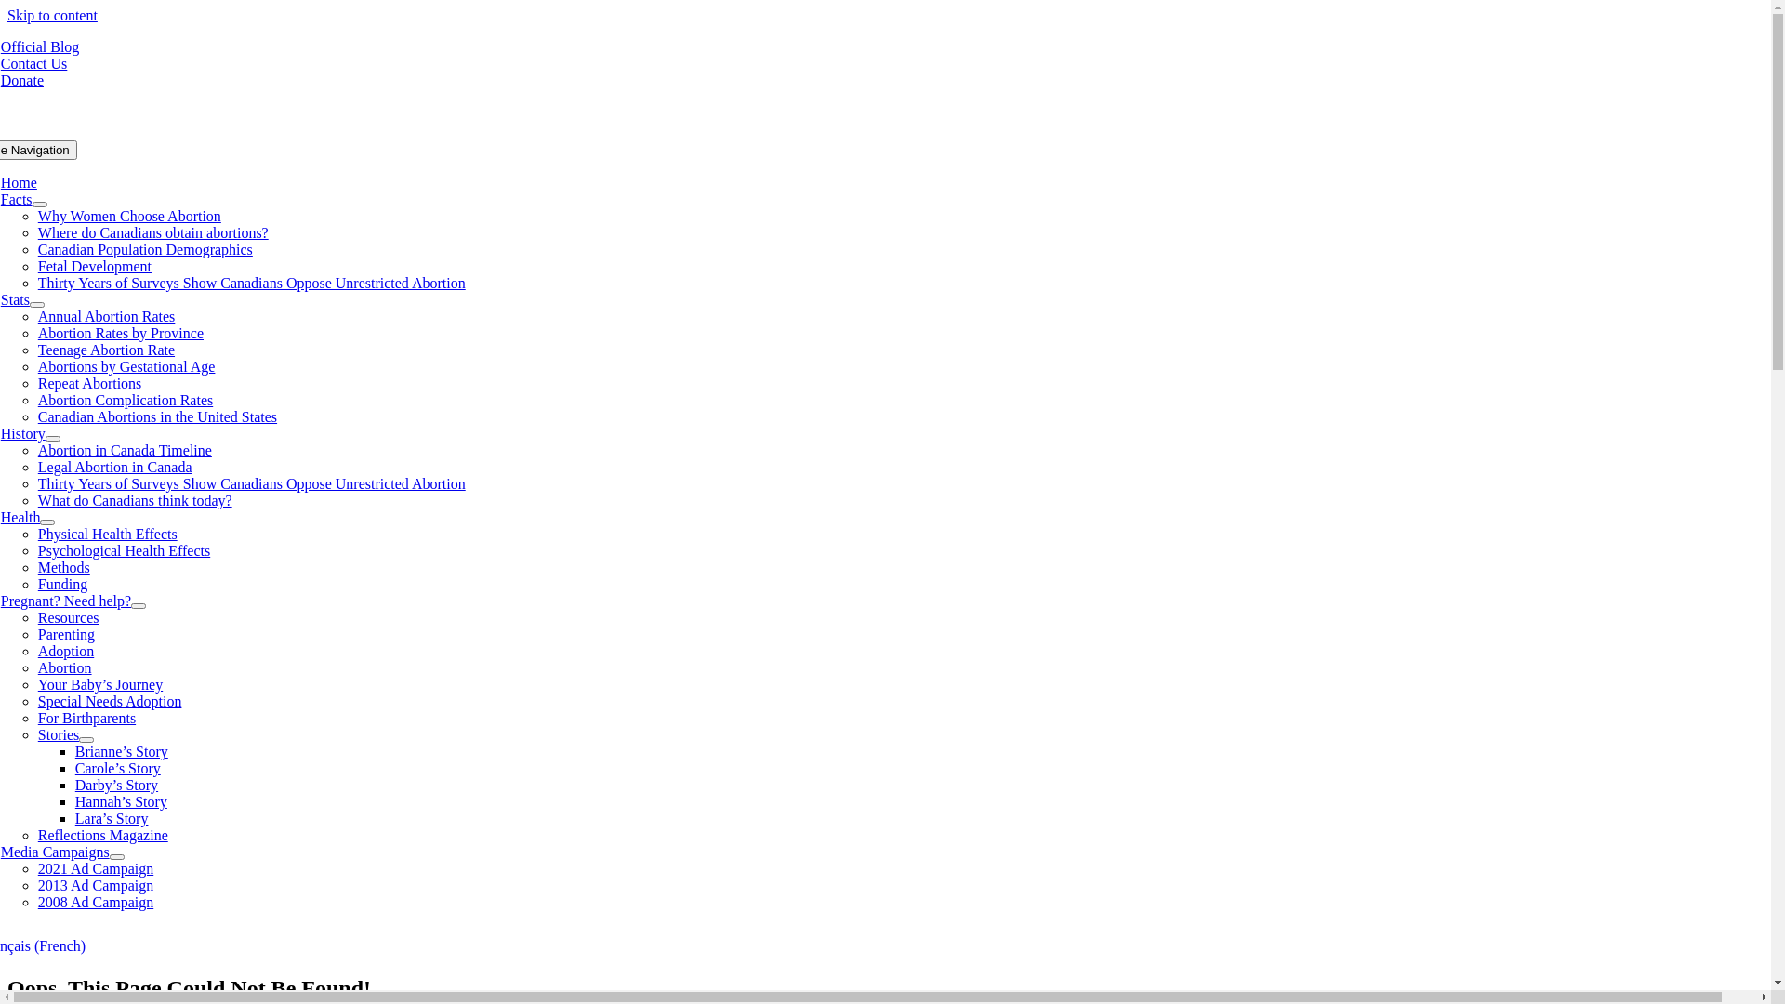  I want to click on 'Reflections Magazine', so click(101, 834).